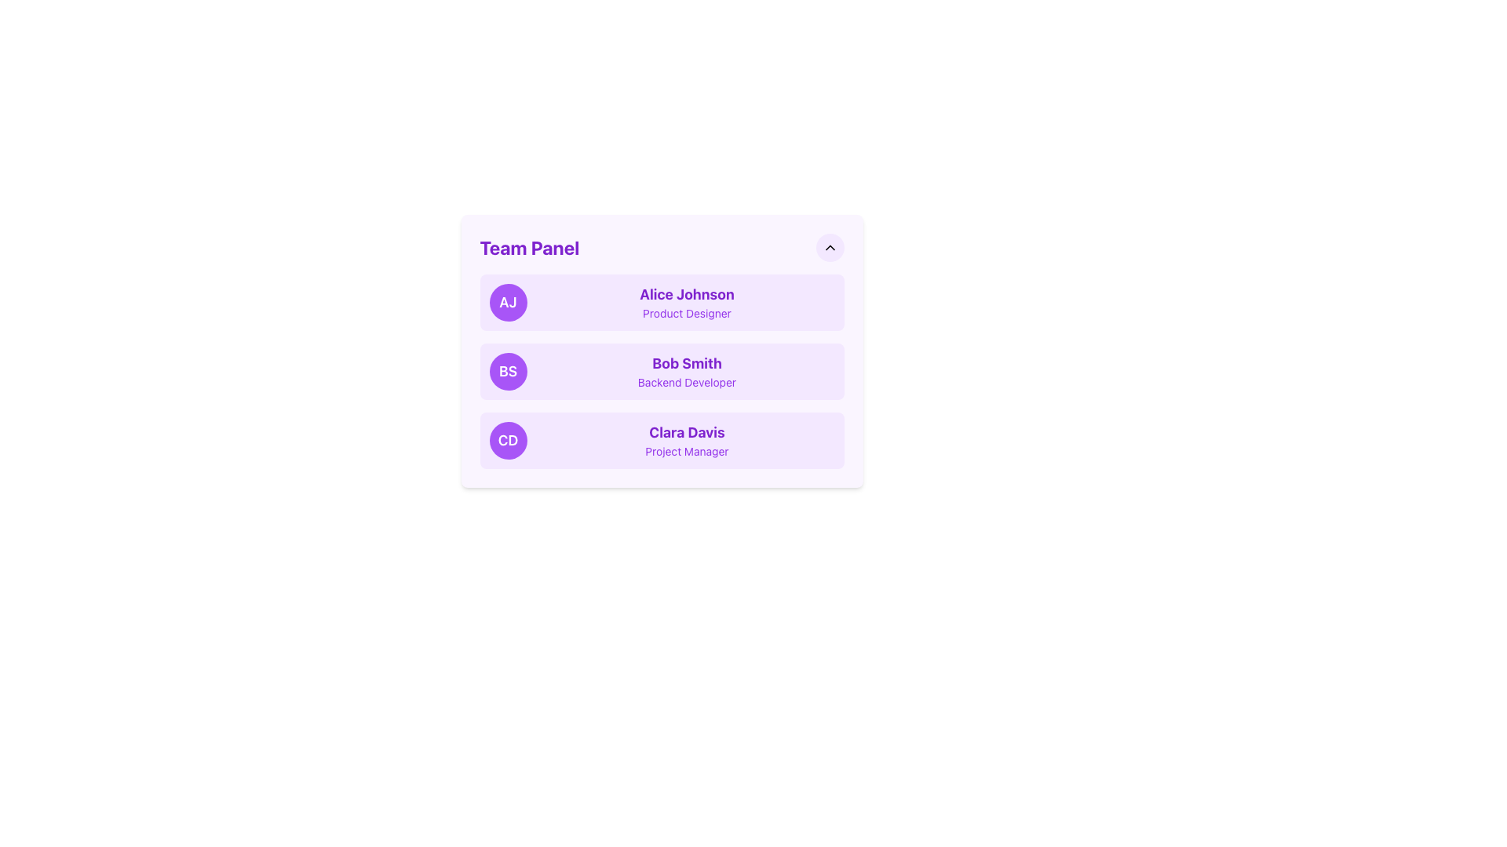 The image size is (1507, 847). I want to click on the list item for user 'Bob Smith - Backend Developer', which is the second entry in the 'Team Panel' with a purple background and circular icon displaying 'BS', so click(662, 372).